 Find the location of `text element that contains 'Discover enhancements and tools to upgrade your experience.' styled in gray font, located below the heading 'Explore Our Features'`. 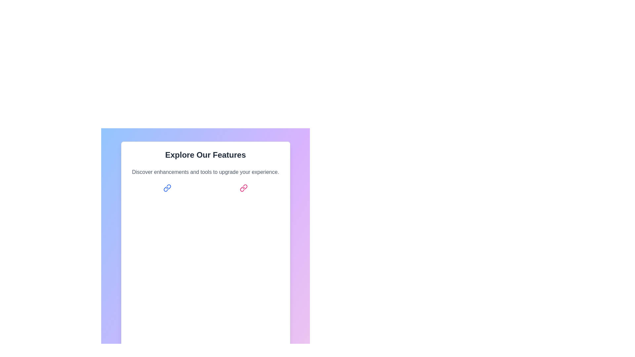

text element that contains 'Discover enhancements and tools to upgrade your experience.' styled in gray font, located below the heading 'Explore Our Features' is located at coordinates (205, 172).